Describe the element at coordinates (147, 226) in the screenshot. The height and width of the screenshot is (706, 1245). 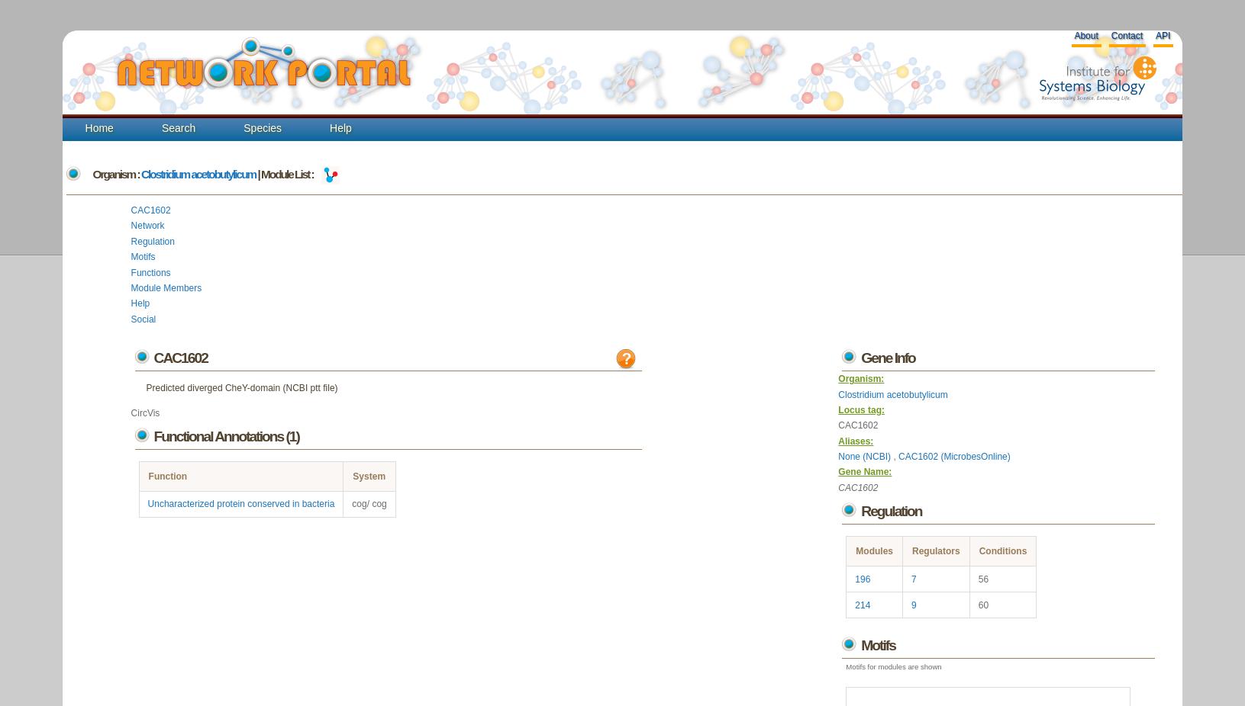
I see `'Network'` at that location.